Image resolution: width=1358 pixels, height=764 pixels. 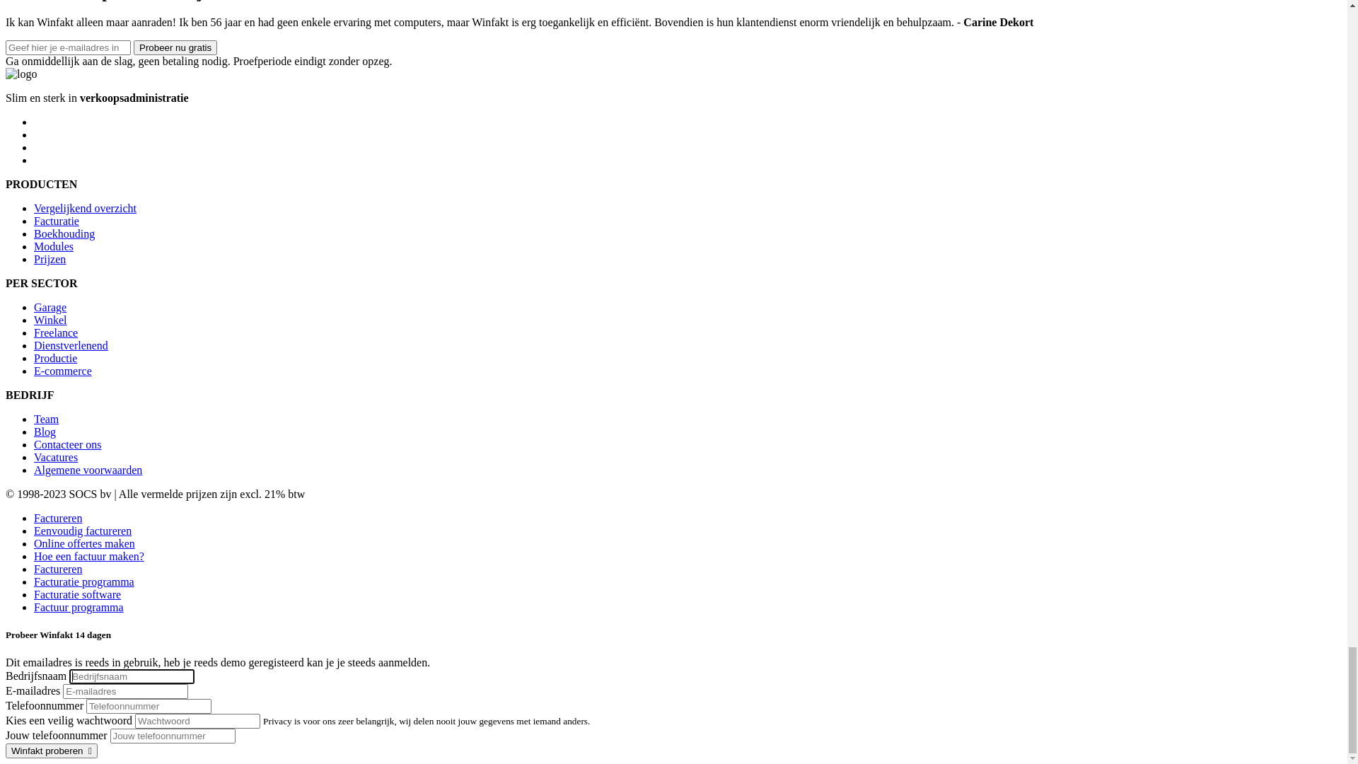 I want to click on 'Over ons', so click(x=54, y=154).